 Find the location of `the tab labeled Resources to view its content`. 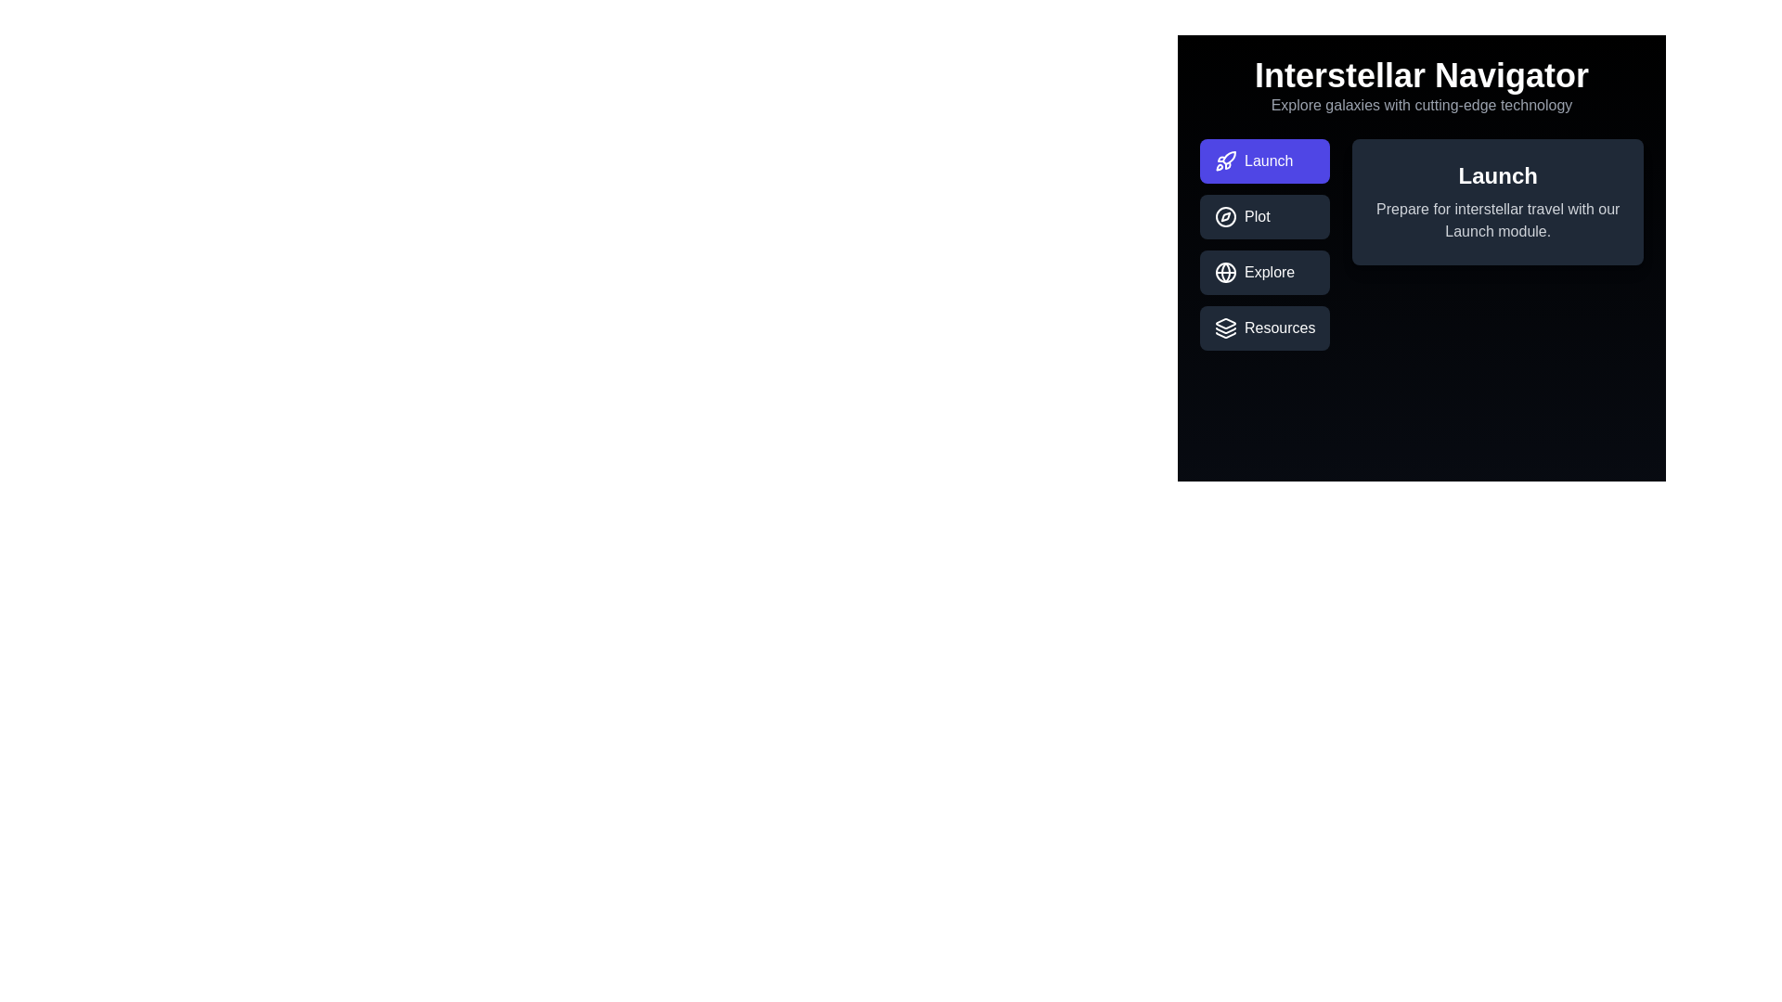

the tab labeled Resources to view its content is located at coordinates (1264, 328).